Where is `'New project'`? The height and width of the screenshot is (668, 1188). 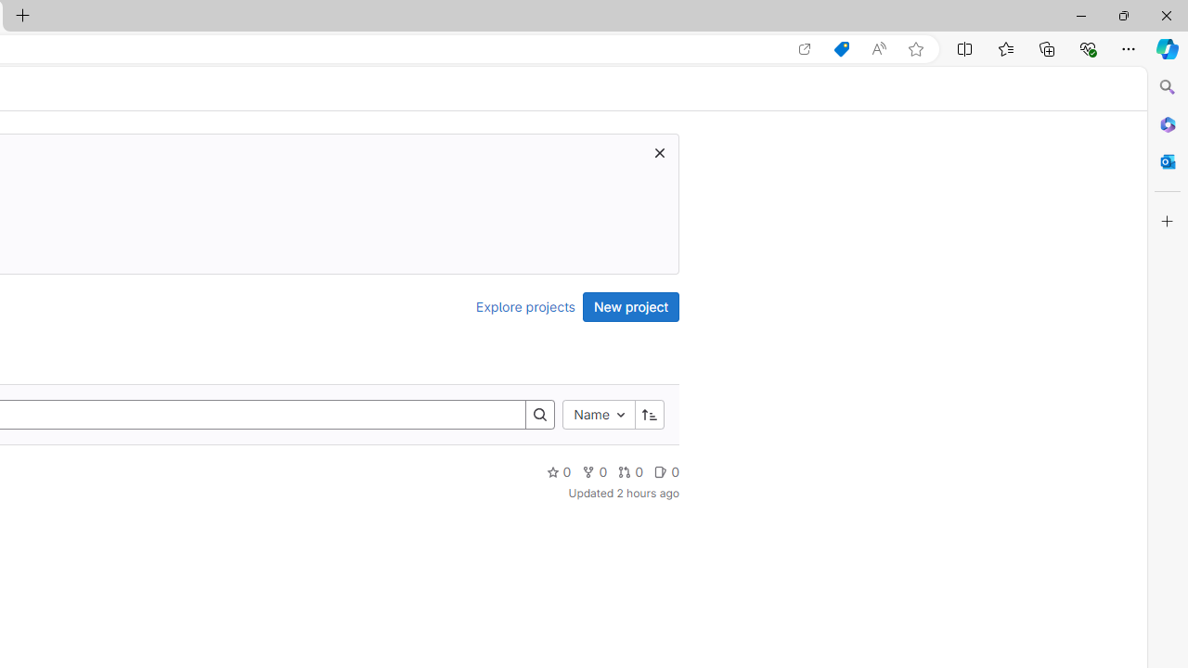 'New project' is located at coordinates (631, 305).